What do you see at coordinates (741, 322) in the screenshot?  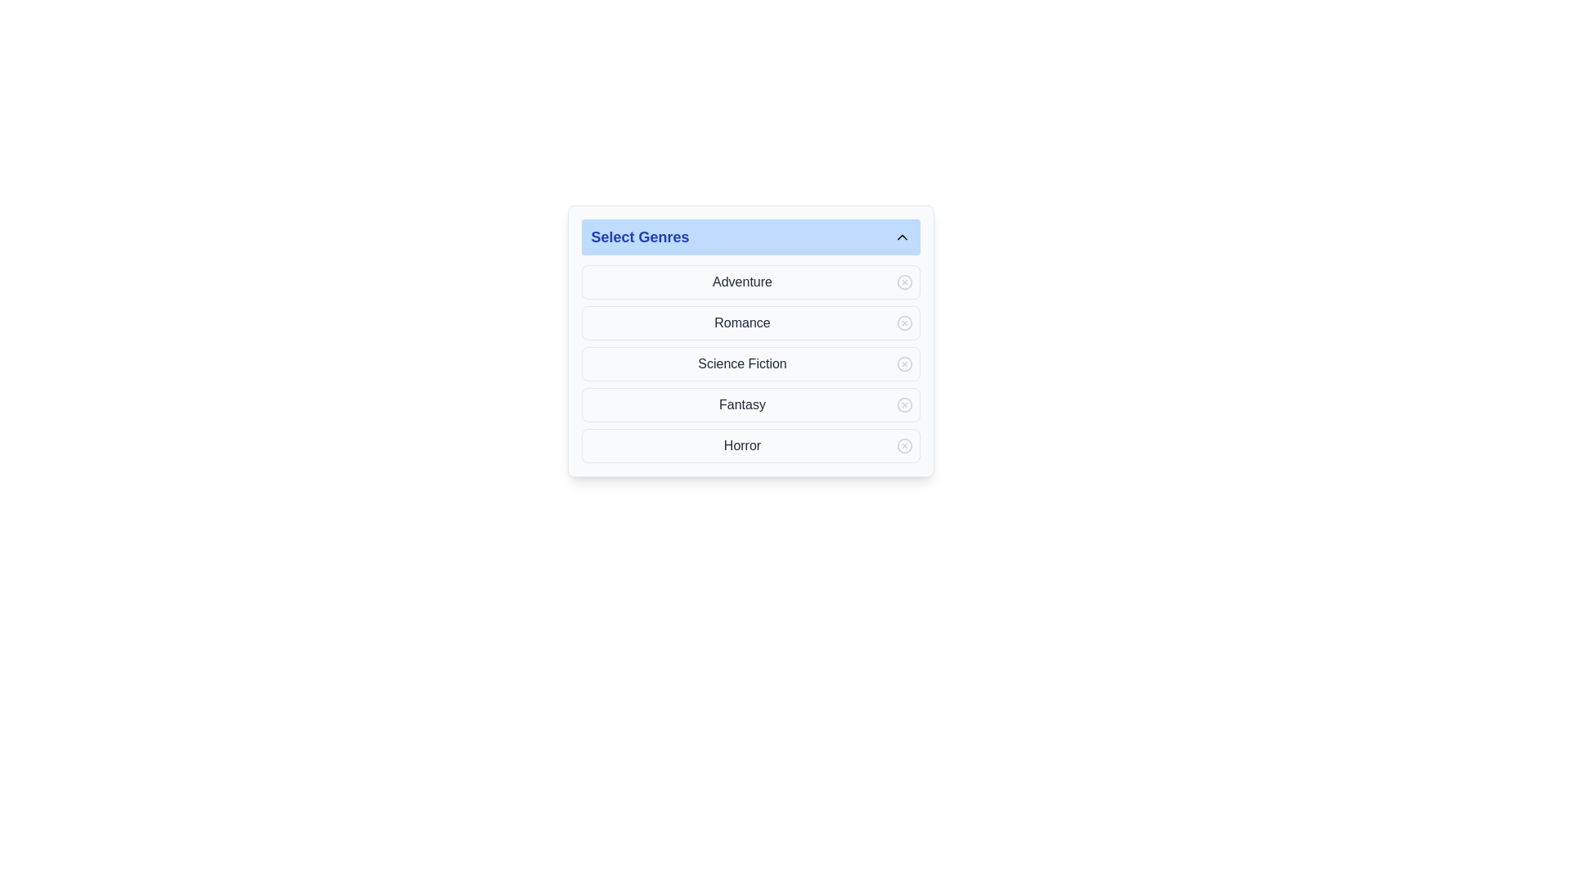 I see `the 'Romance' genre label located in the second item of the 'Select Genres' section` at bounding box center [741, 322].